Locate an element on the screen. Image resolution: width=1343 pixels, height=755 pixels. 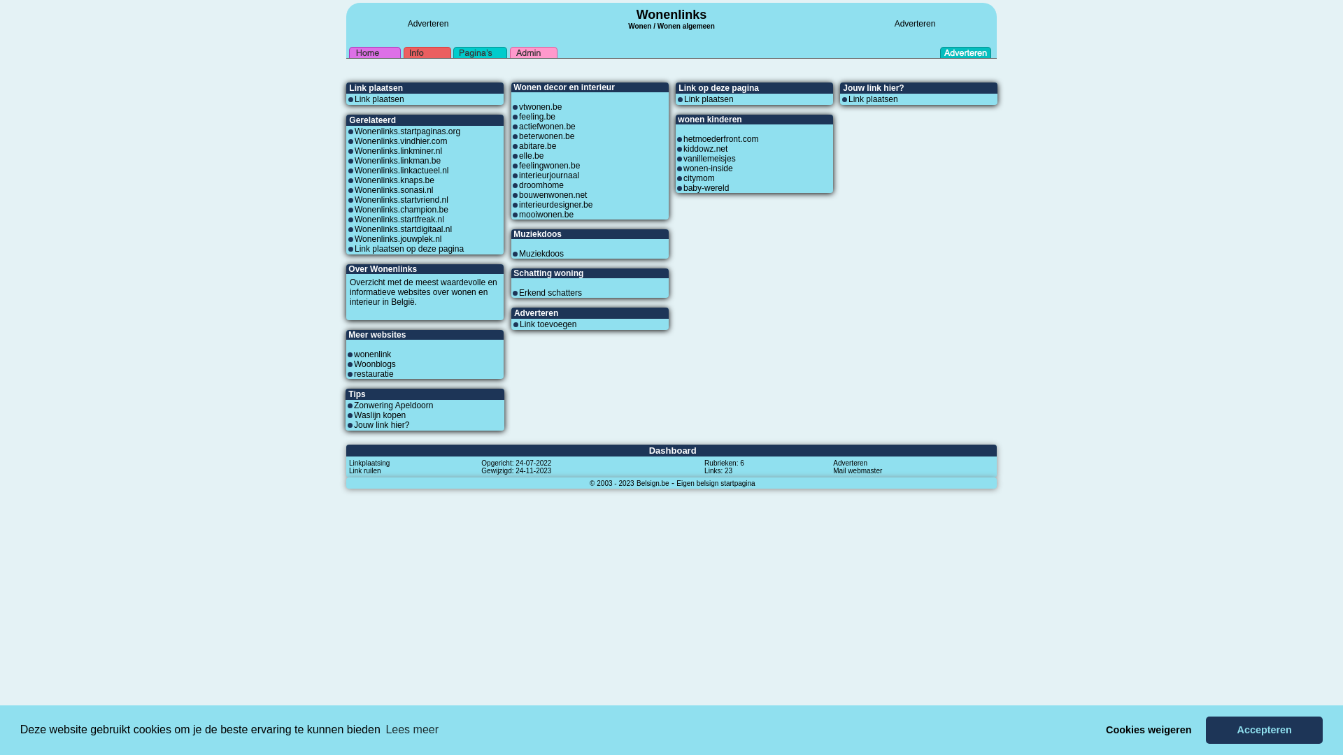
'Muziekdoos' is located at coordinates (540, 253).